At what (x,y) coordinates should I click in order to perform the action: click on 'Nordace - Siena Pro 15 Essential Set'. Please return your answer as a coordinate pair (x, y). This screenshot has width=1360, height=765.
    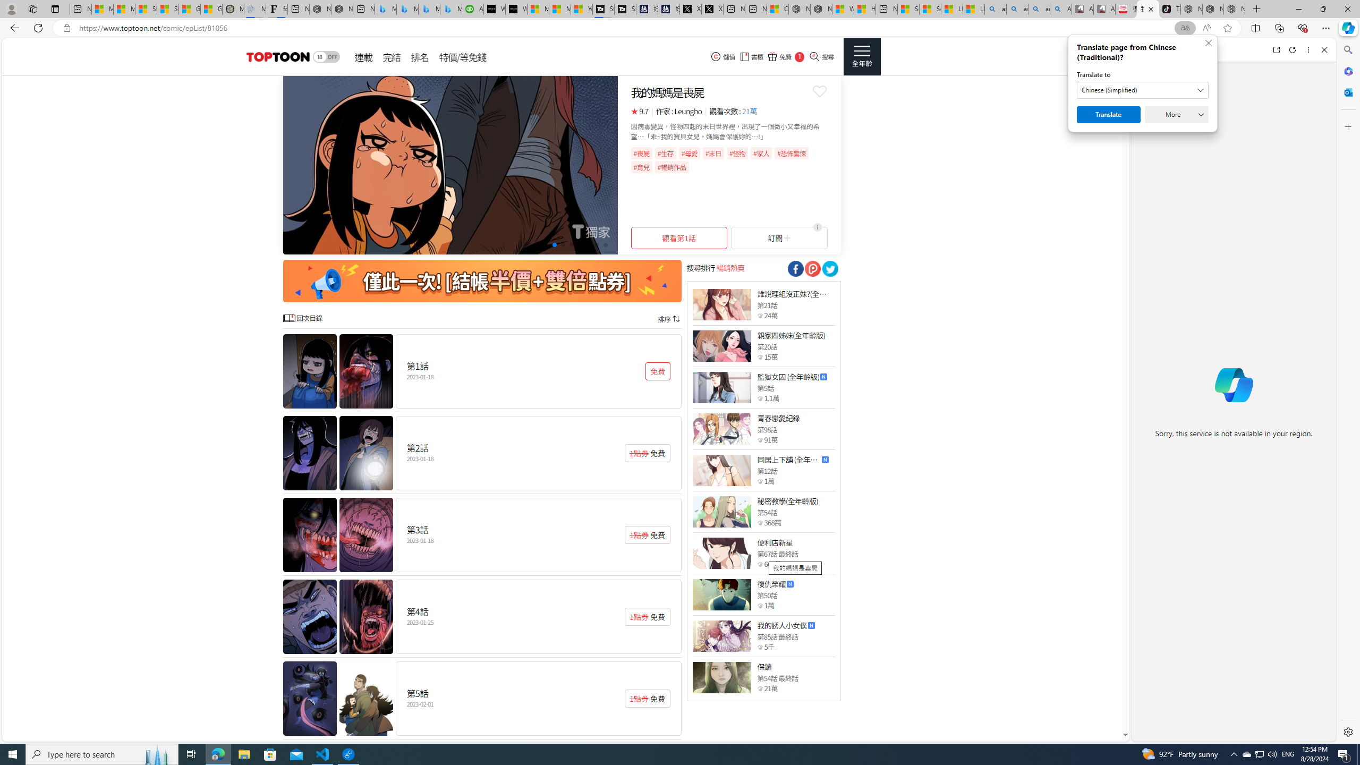
    Looking at the image, I should click on (1234, 8).